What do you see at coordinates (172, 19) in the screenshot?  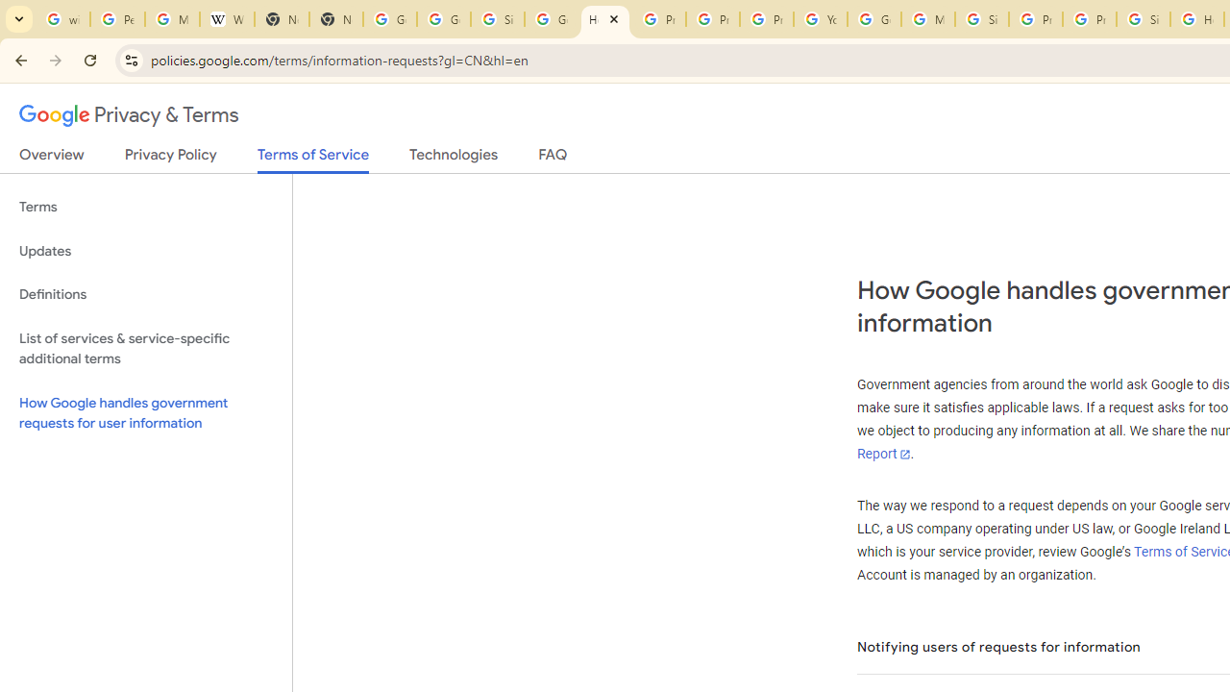 I see `'Manage your Location History - Google Search Help'` at bounding box center [172, 19].